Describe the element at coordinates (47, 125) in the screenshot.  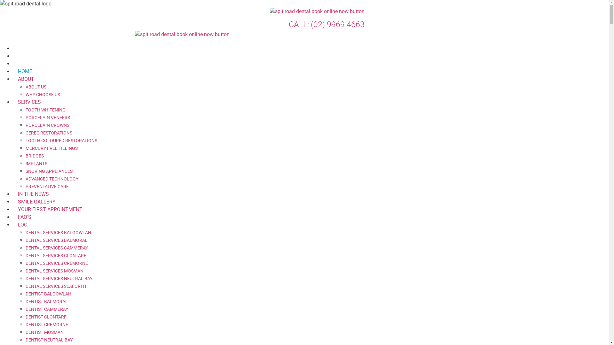
I see `'PORCELAIN CROWNS'` at that location.